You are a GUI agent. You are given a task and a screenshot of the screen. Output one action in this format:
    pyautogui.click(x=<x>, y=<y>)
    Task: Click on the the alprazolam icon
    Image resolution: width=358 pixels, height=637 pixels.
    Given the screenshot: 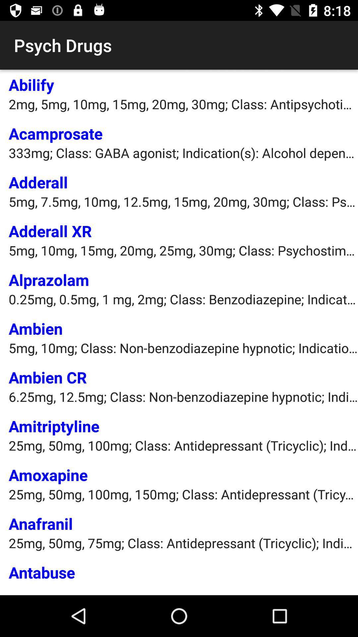 What is the action you would take?
    pyautogui.click(x=48, y=280)
    